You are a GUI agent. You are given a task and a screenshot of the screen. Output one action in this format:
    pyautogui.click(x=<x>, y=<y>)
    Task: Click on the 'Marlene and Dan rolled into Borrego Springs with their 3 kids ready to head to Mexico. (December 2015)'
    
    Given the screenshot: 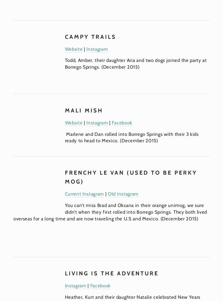 What is the action you would take?
    pyautogui.click(x=132, y=137)
    